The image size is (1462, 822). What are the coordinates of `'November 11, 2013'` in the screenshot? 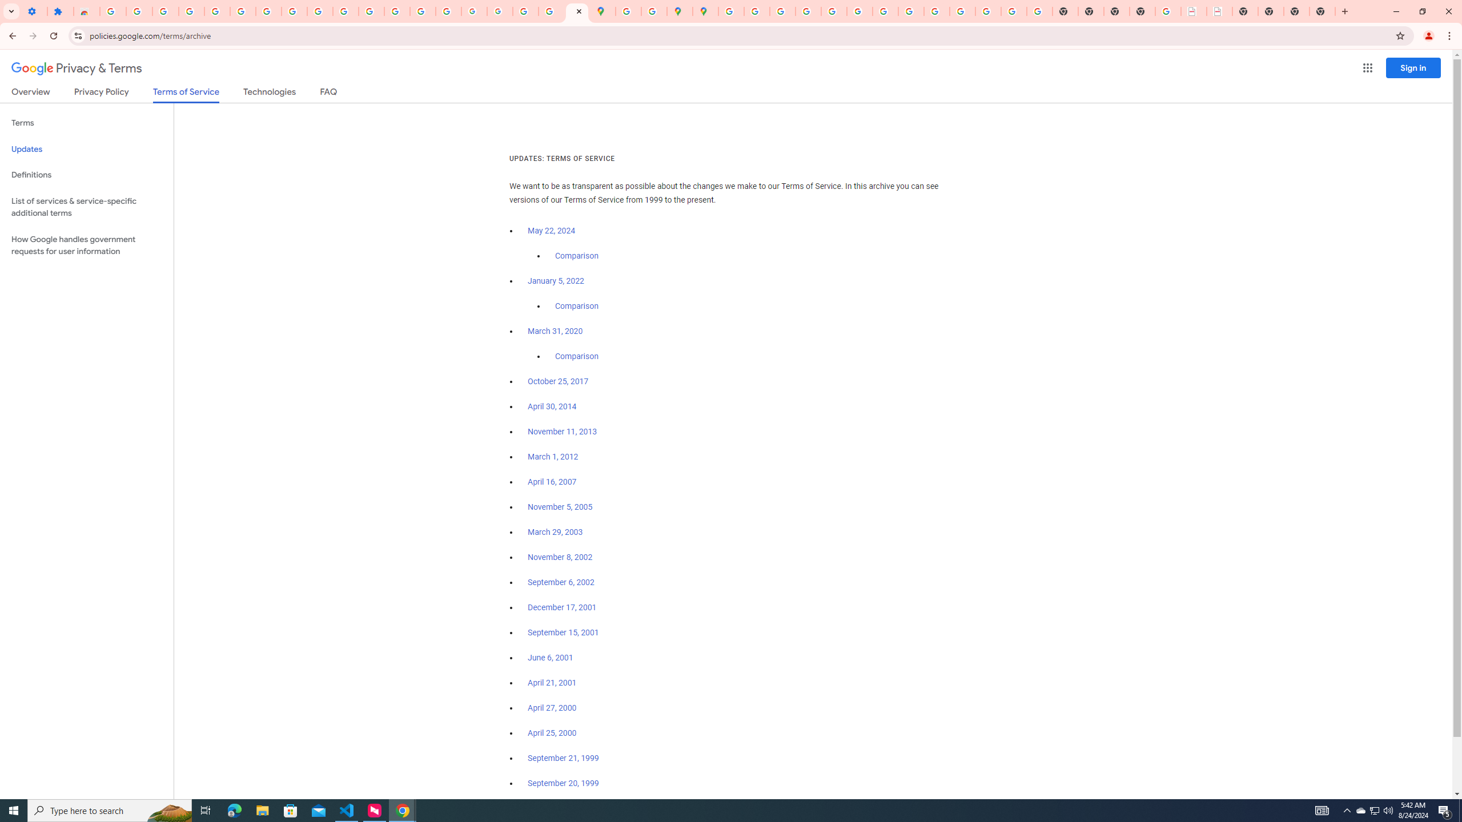 It's located at (563, 431).